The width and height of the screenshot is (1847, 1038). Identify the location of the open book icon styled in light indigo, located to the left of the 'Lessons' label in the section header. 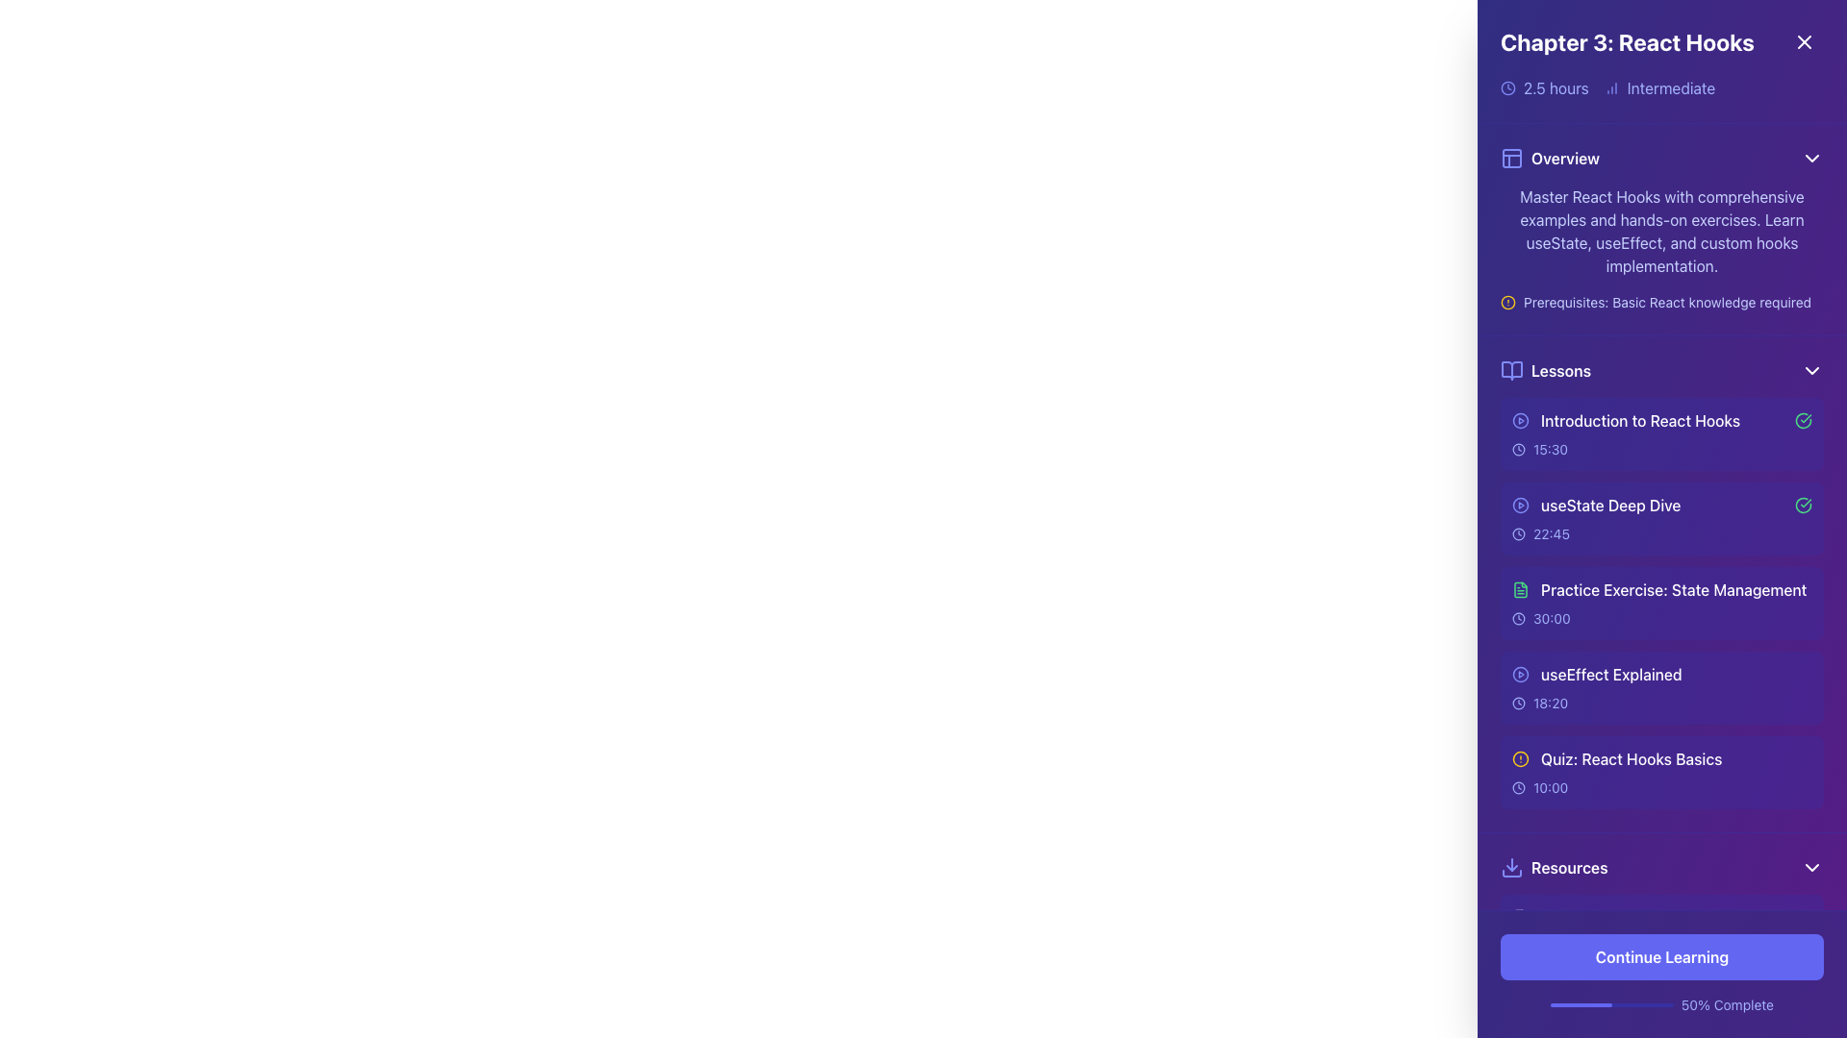
(1510, 370).